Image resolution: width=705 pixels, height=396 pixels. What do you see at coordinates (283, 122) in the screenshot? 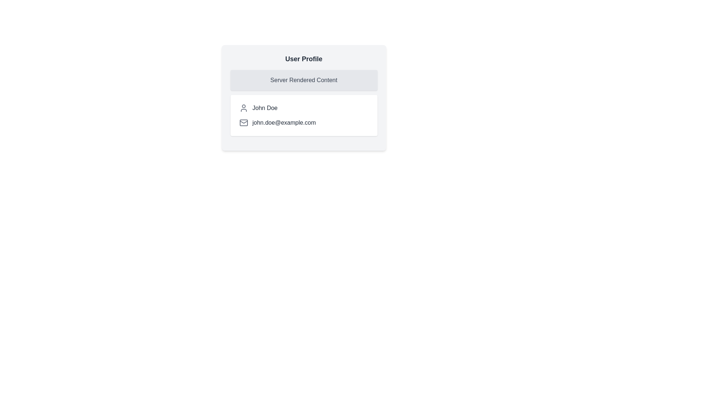
I see `the static text displaying 'john.doe@example.com', which is styled in dark gray and positioned within the User Profile card layout` at bounding box center [283, 122].